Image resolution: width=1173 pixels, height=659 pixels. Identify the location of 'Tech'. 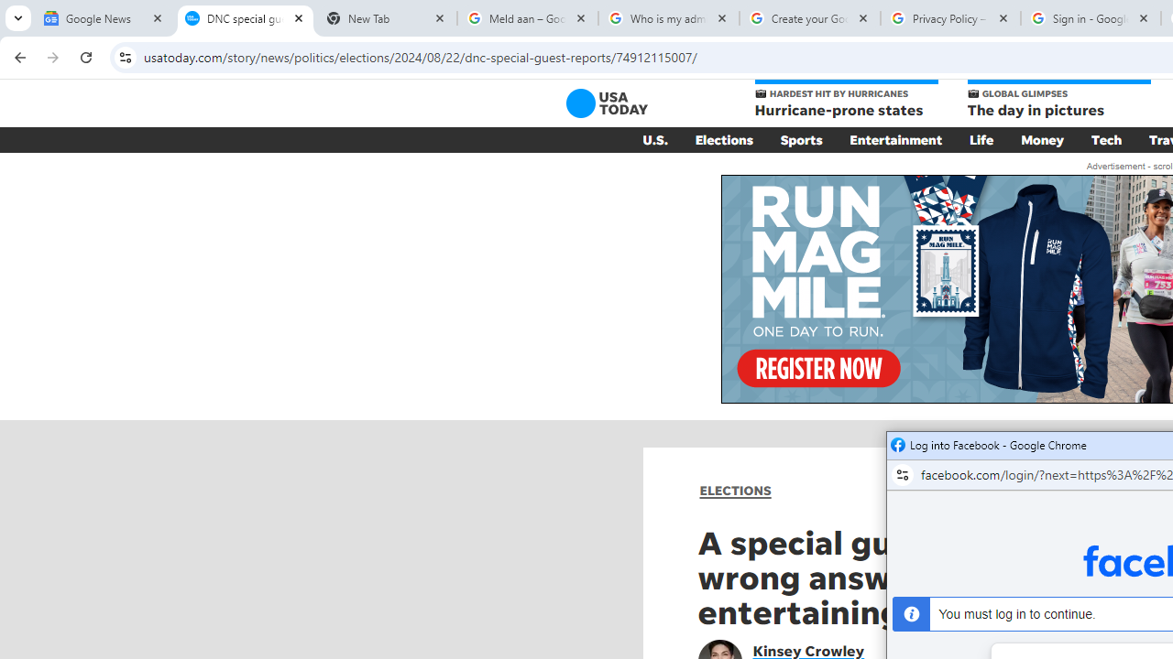
(1105, 139).